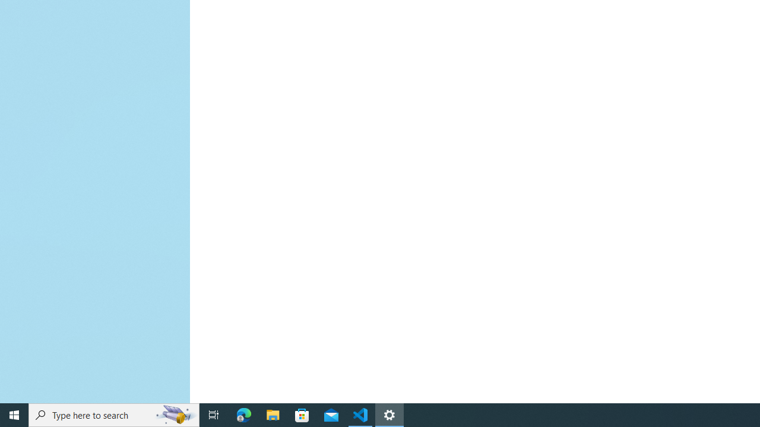 This screenshot has height=427, width=760. What do you see at coordinates (14, 414) in the screenshot?
I see `'Start'` at bounding box center [14, 414].